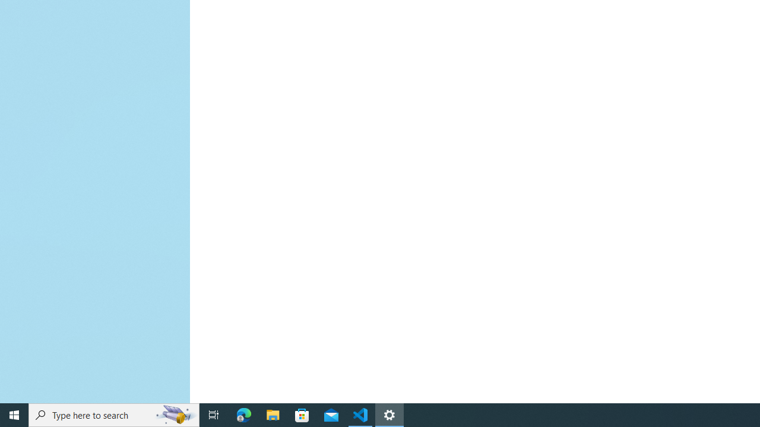 This screenshot has height=427, width=760. What do you see at coordinates (14, 414) in the screenshot?
I see `'Start'` at bounding box center [14, 414].